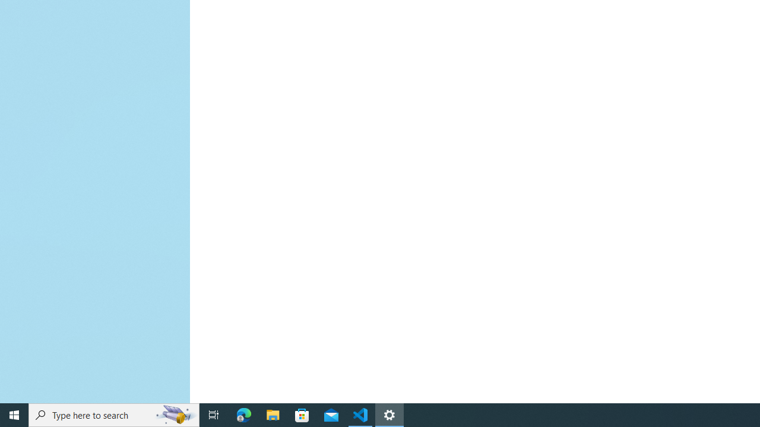 This screenshot has height=427, width=760. What do you see at coordinates (14, 414) in the screenshot?
I see `'Start'` at bounding box center [14, 414].